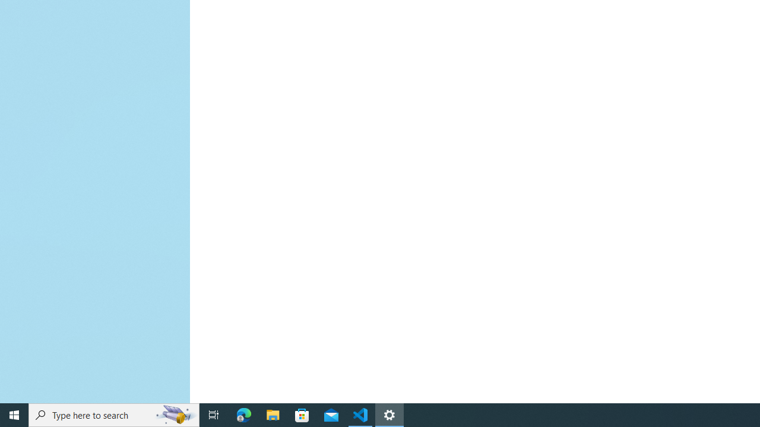 This screenshot has height=427, width=760. What do you see at coordinates (14, 414) in the screenshot?
I see `'Start'` at bounding box center [14, 414].